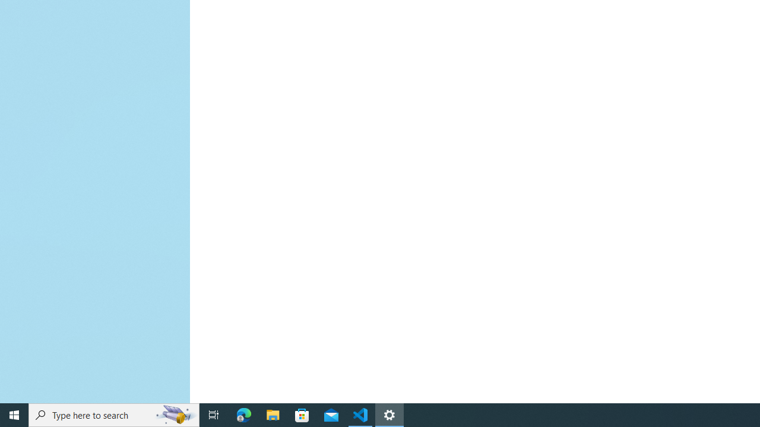 This screenshot has height=427, width=760. What do you see at coordinates (14, 414) in the screenshot?
I see `'Start'` at bounding box center [14, 414].